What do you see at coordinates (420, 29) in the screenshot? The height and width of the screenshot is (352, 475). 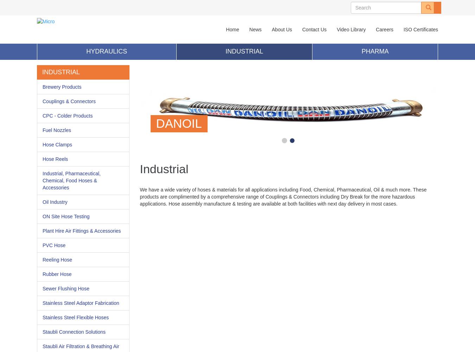 I see `'ISO Certificates'` at bounding box center [420, 29].